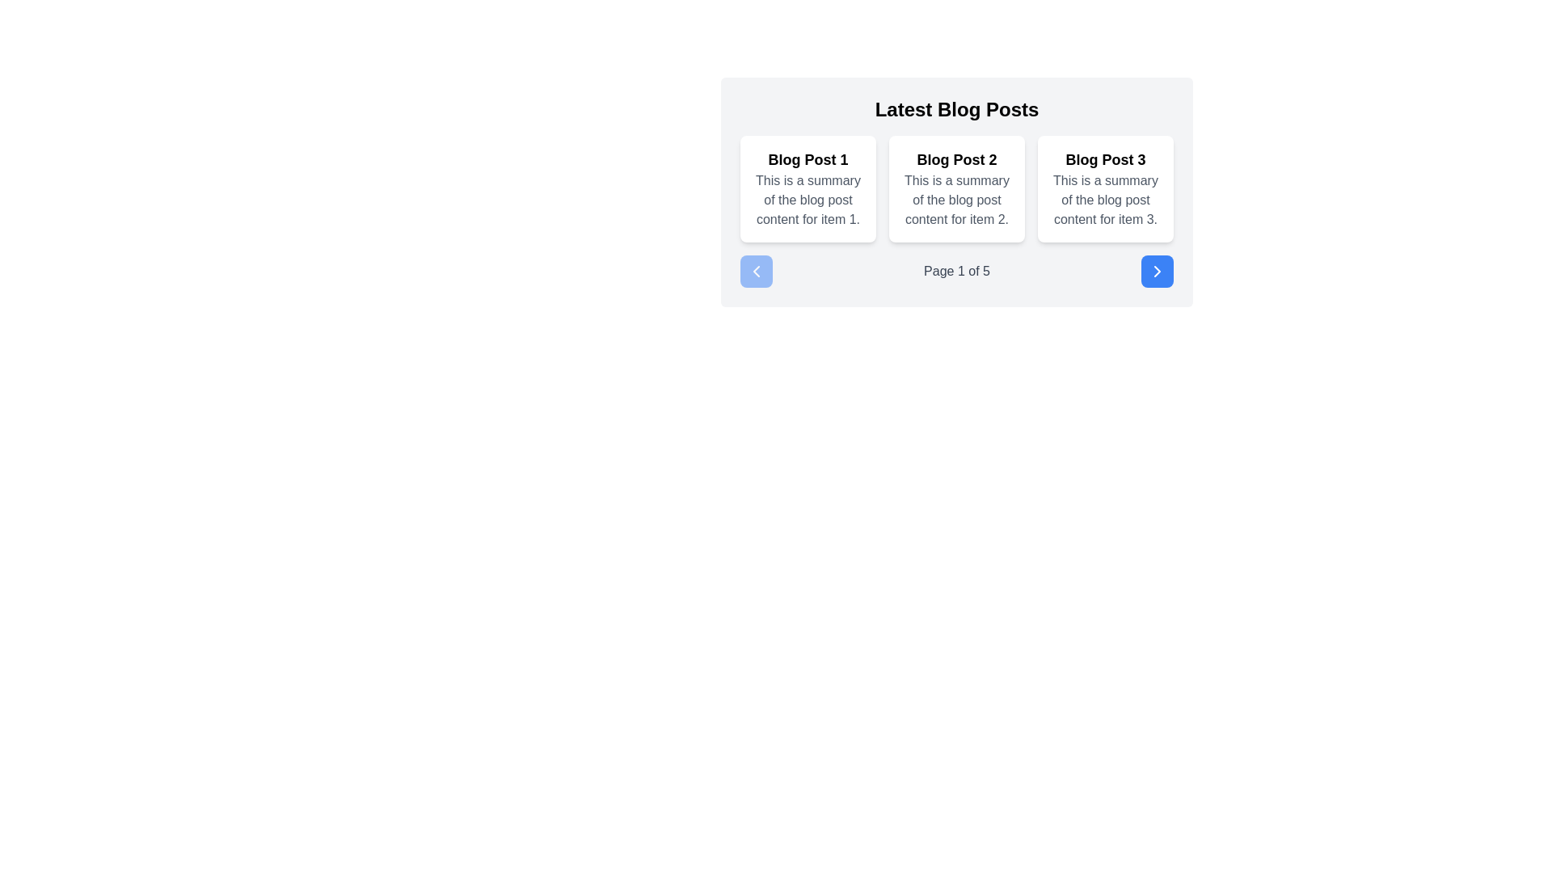 This screenshot has height=873, width=1552. I want to click on current page information from the pagination control labeled 'Page 1 of 5', which is a horizontal pagination control located at the bottom of the 'Latest Blog Posts' section, so click(957, 270).